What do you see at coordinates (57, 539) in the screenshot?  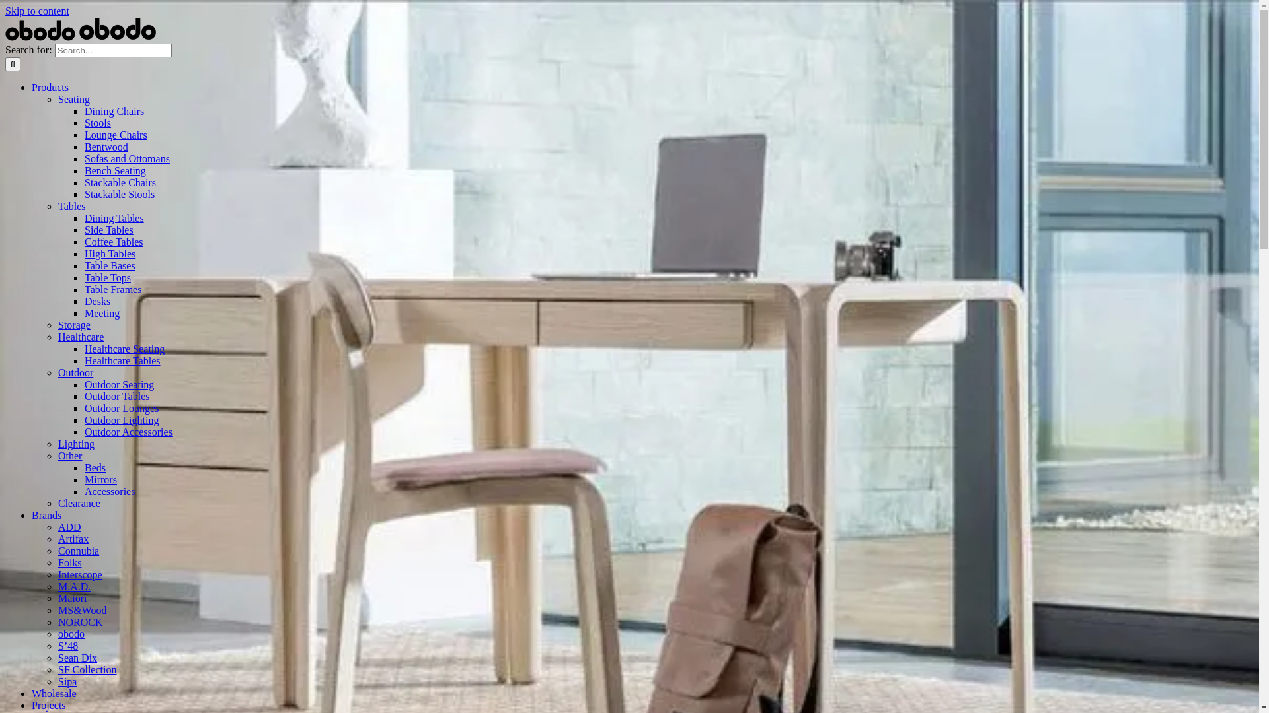 I see `'Artifax'` at bounding box center [57, 539].